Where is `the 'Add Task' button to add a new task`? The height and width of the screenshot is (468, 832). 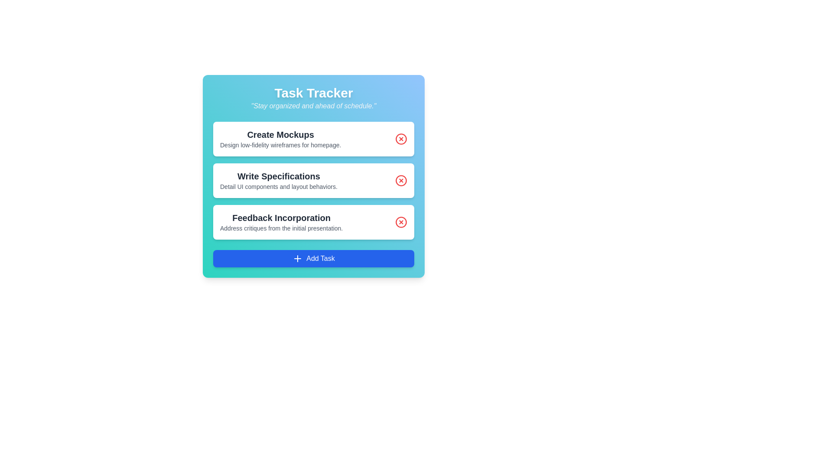 the 'Add Task' button to add a new task is located at coordinates (313, 258).